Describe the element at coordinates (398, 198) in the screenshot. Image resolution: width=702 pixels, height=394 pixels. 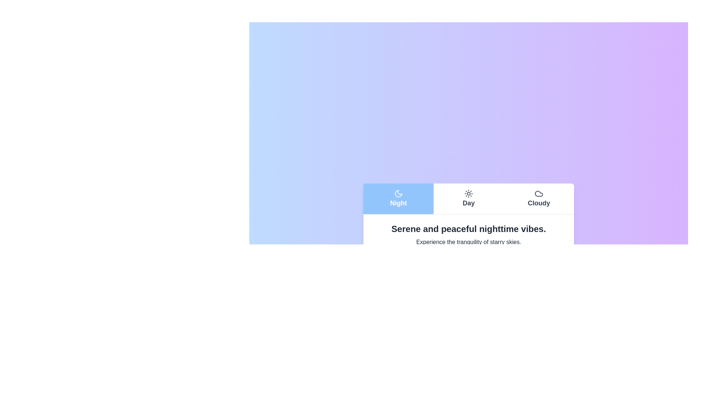
I see `the Night tab to observe its hover effect` at that location.